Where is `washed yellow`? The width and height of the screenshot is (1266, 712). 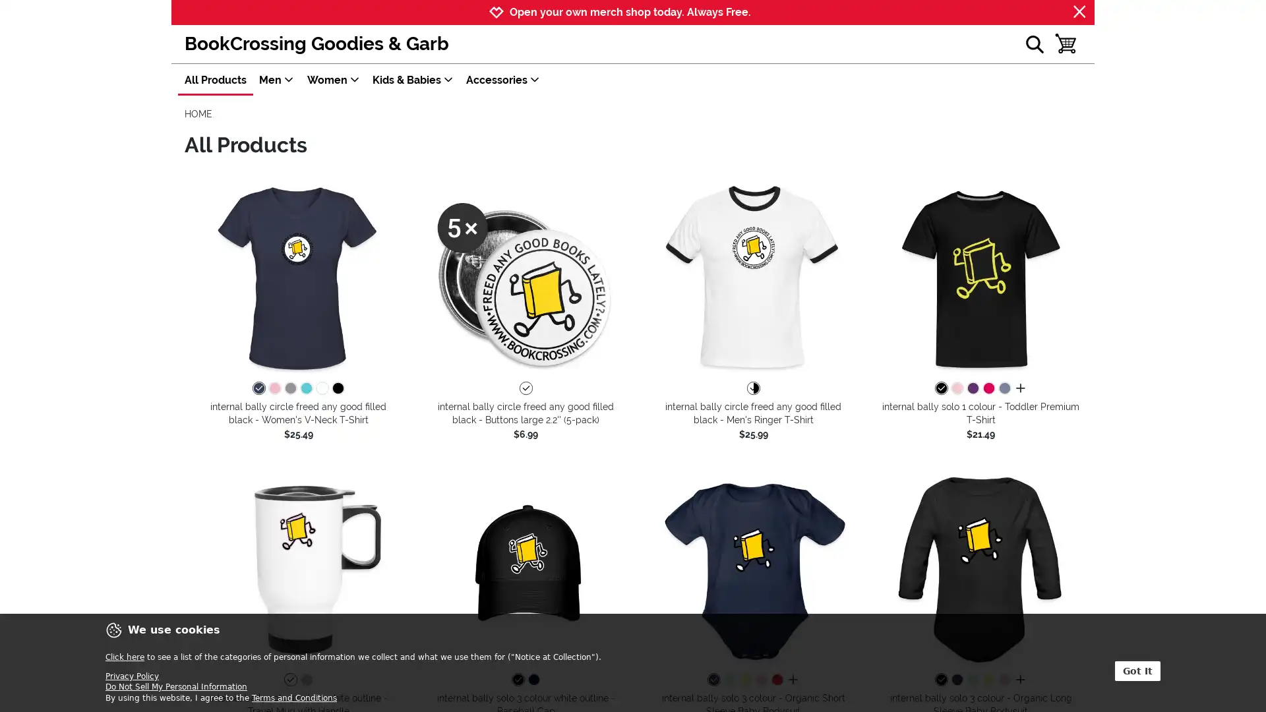
washed yellow is located at coordinates (988, 680).